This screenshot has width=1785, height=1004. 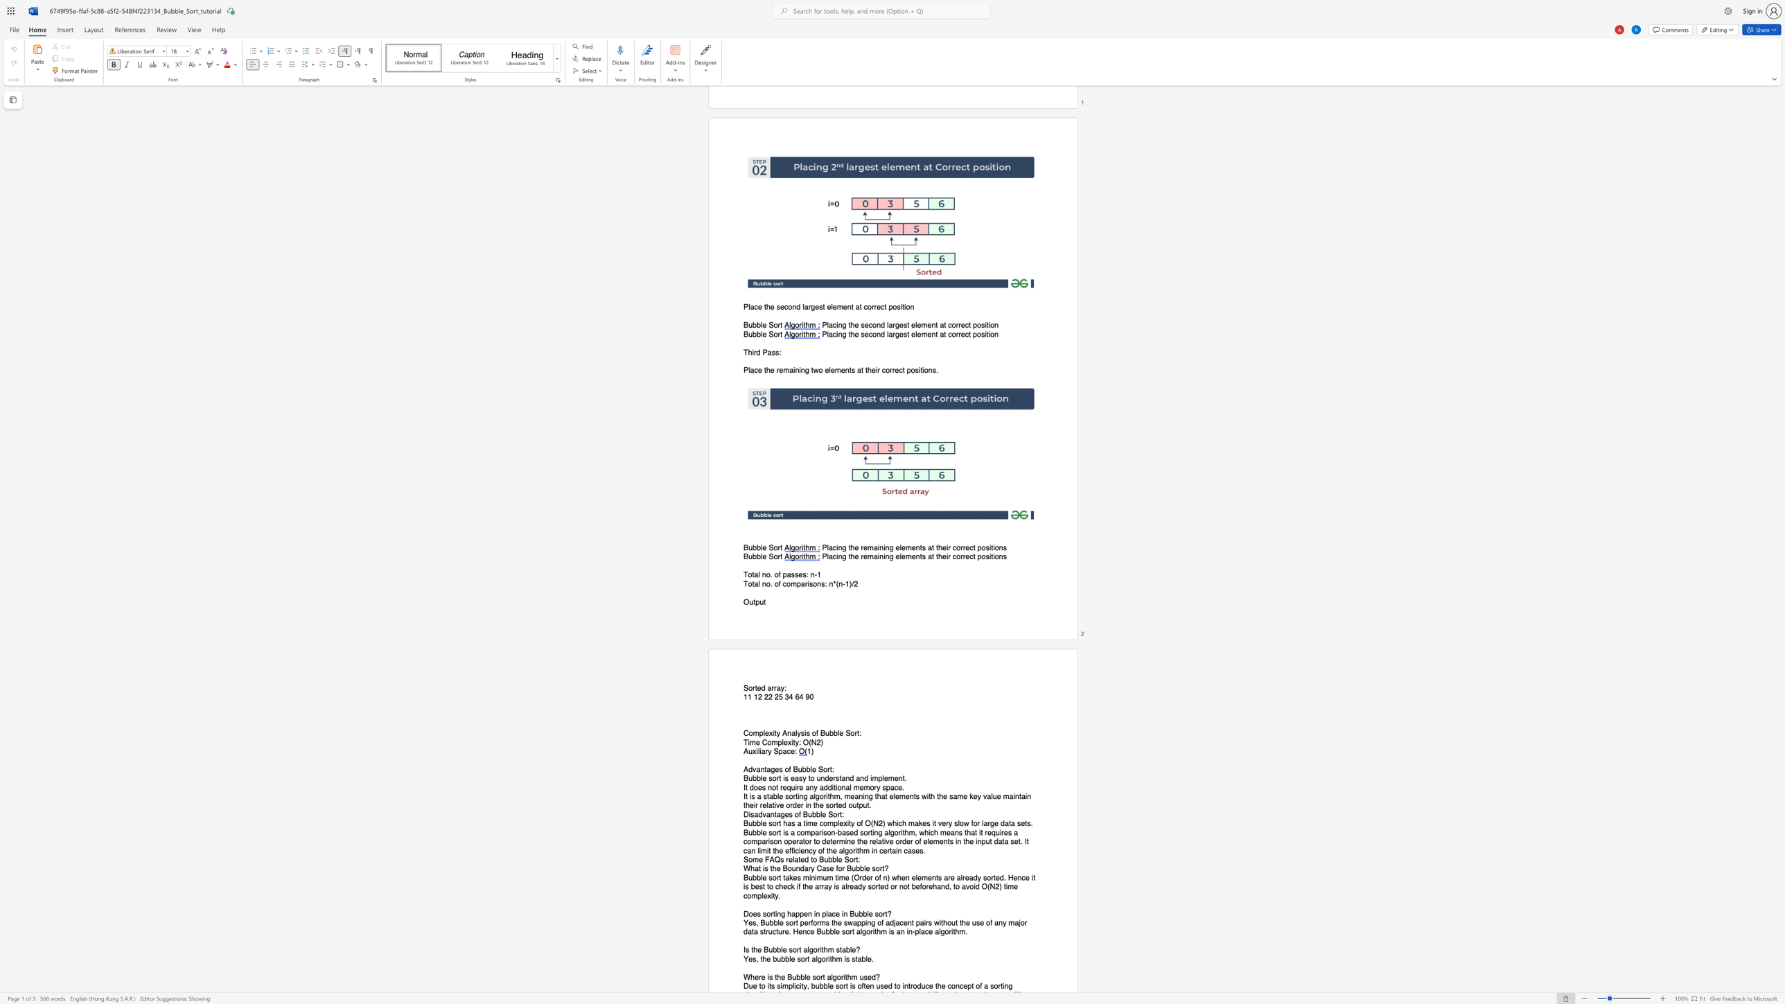 What do you see at coordinates (793, 769) in the screenshot?
I see `the subset text "Bubble S" within the text "Advantages of Bubble Sort:"` at bounding box center [793, 769].